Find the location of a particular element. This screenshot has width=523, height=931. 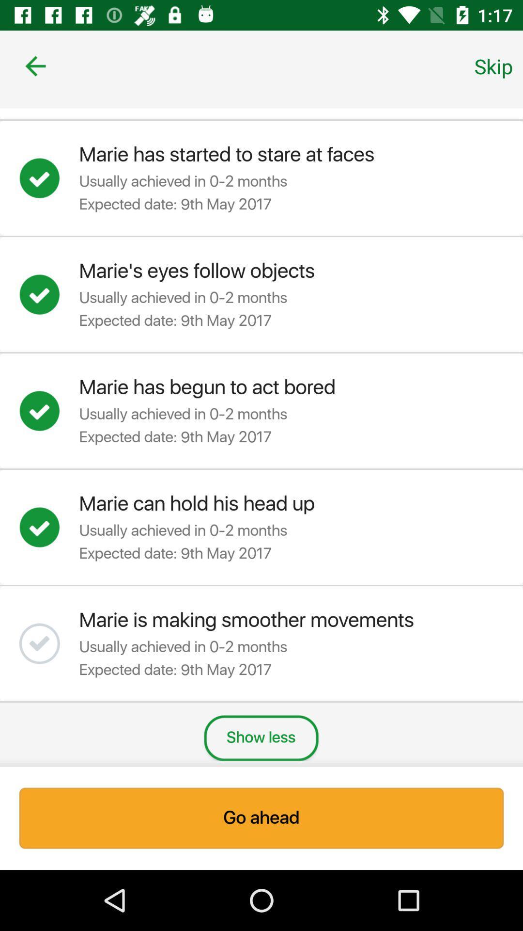

the icon to the left of skip item is located at coordinates (35, 65).